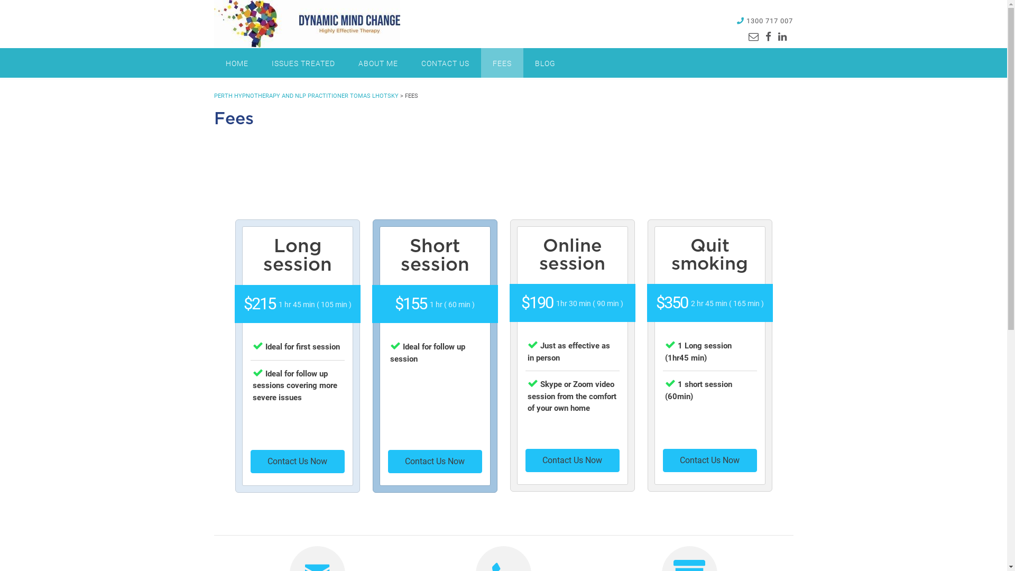 Image resolution: width=1015 pixels, height=571 pixels. I want to click on 'PERTH HYPNOTHERAPY AND NLP PRACTITIONER TOMAS LHOTSKY', so click(305, 96).